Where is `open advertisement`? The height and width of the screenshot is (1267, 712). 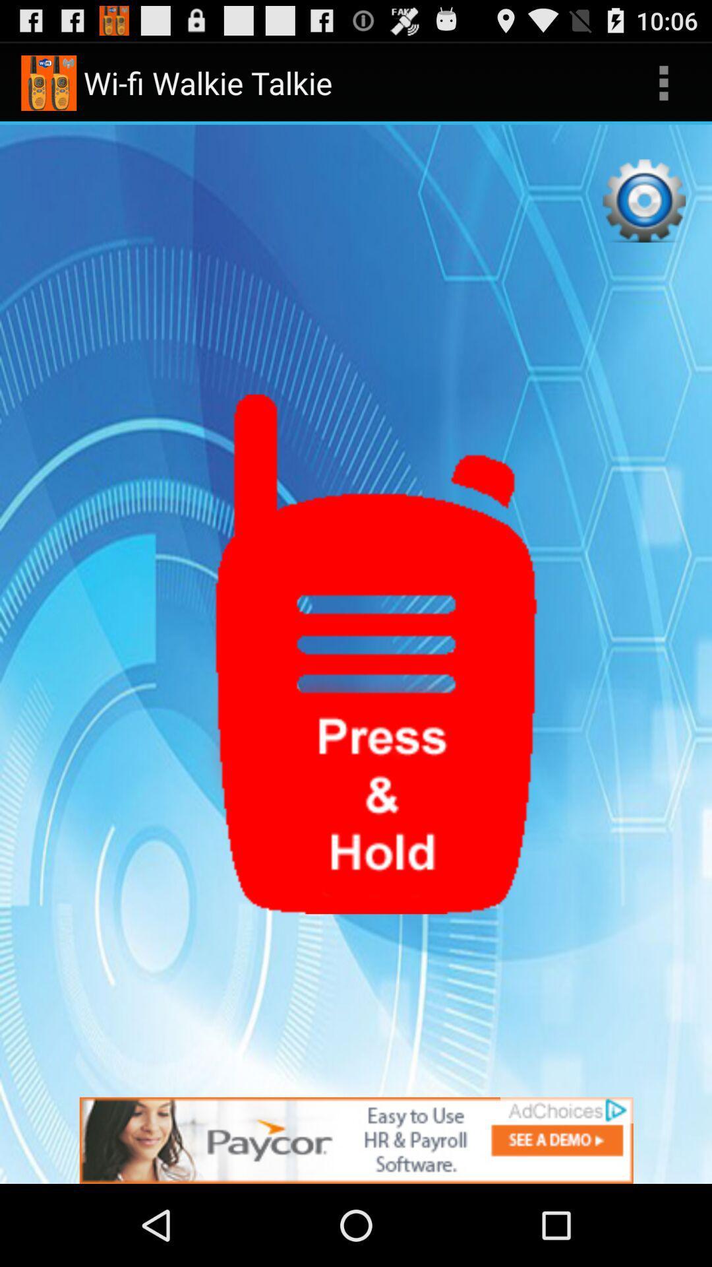 open advertisement is located at coordinates (356, 1140).